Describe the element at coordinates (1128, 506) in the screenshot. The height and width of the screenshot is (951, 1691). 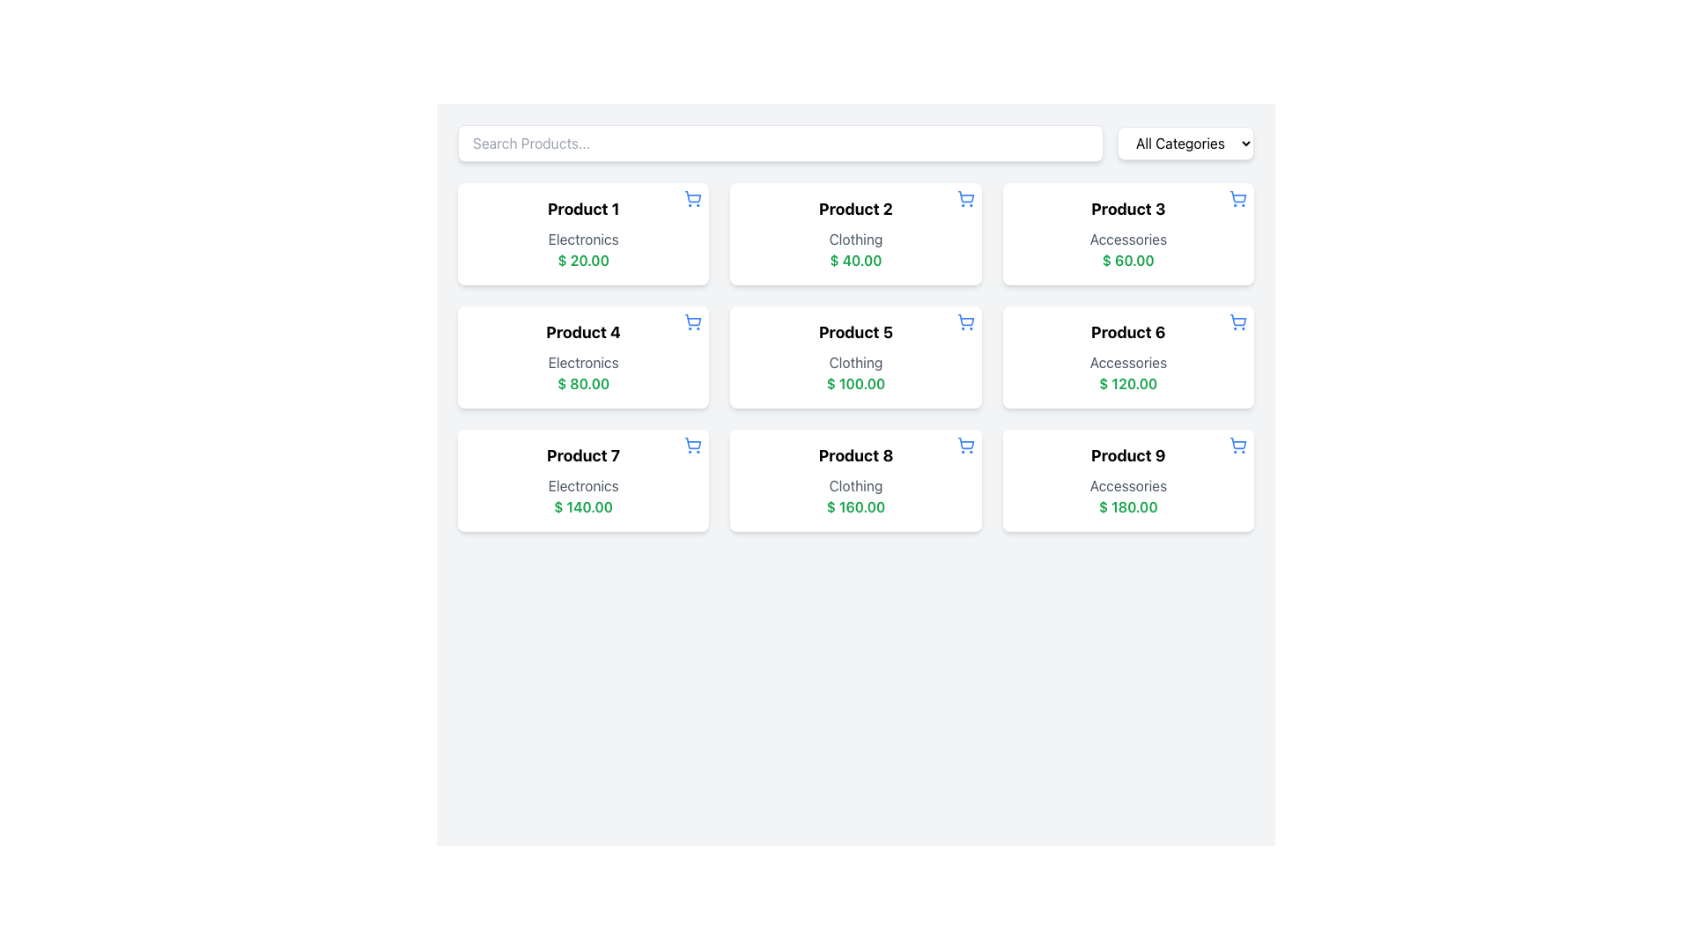
I see `the static text element that indicates the price of Product 9, located below the 'Accessories' text and above a right-aligned icon` at that location.